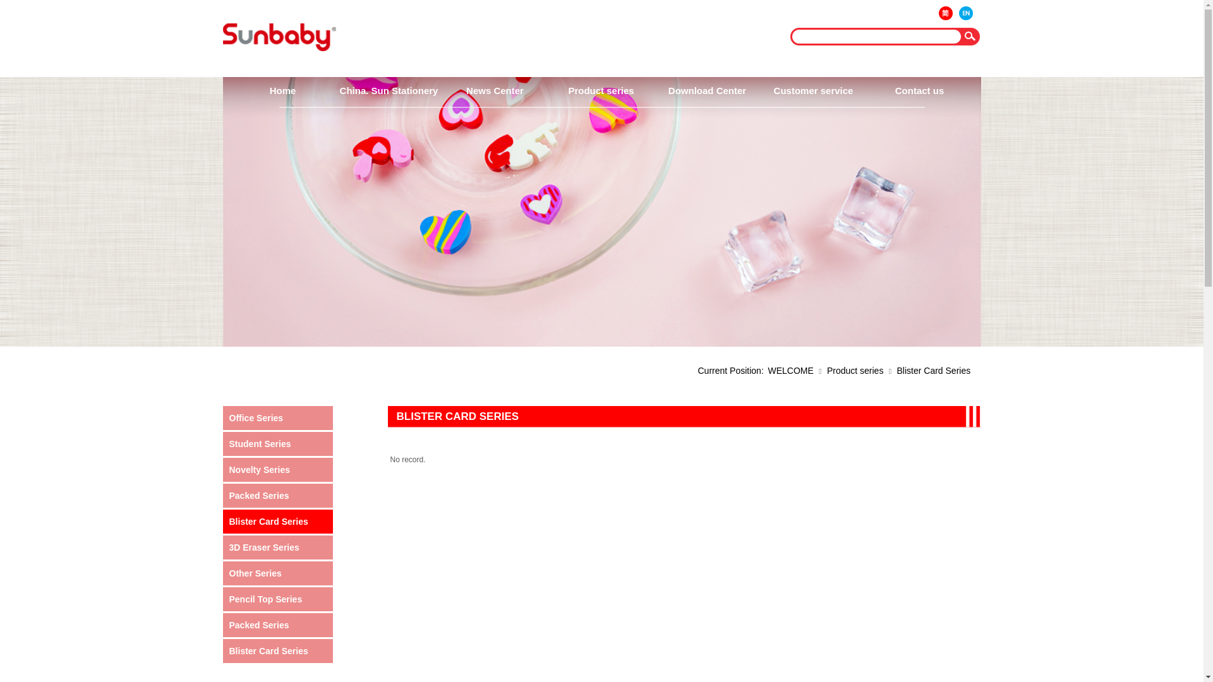 Image resolution: width=1213 pixels, height=682 pixels. What do you see at coordinates (278, 470) in the screenshot?
I see `'Novelty Series'` at bounding box center [278, 470].